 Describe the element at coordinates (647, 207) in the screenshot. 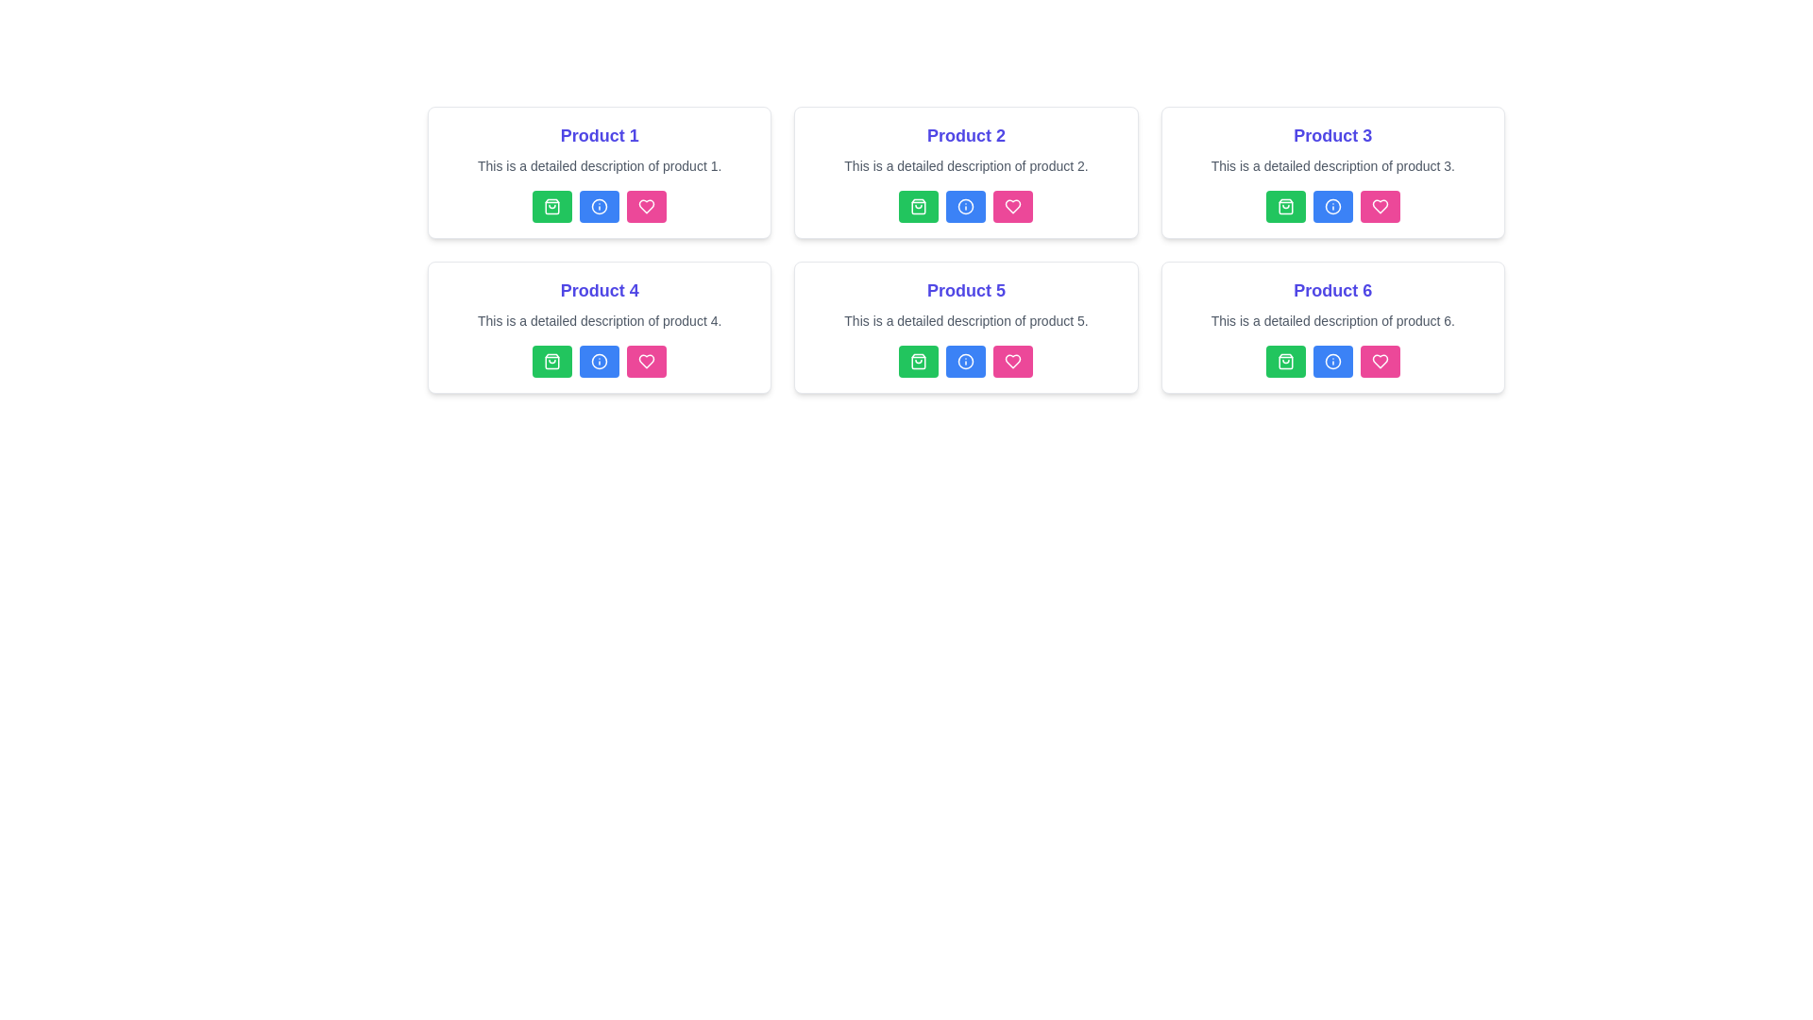

I see `the pink heart-shaped icon button located in the card labeled 'Product 4'` at that location.